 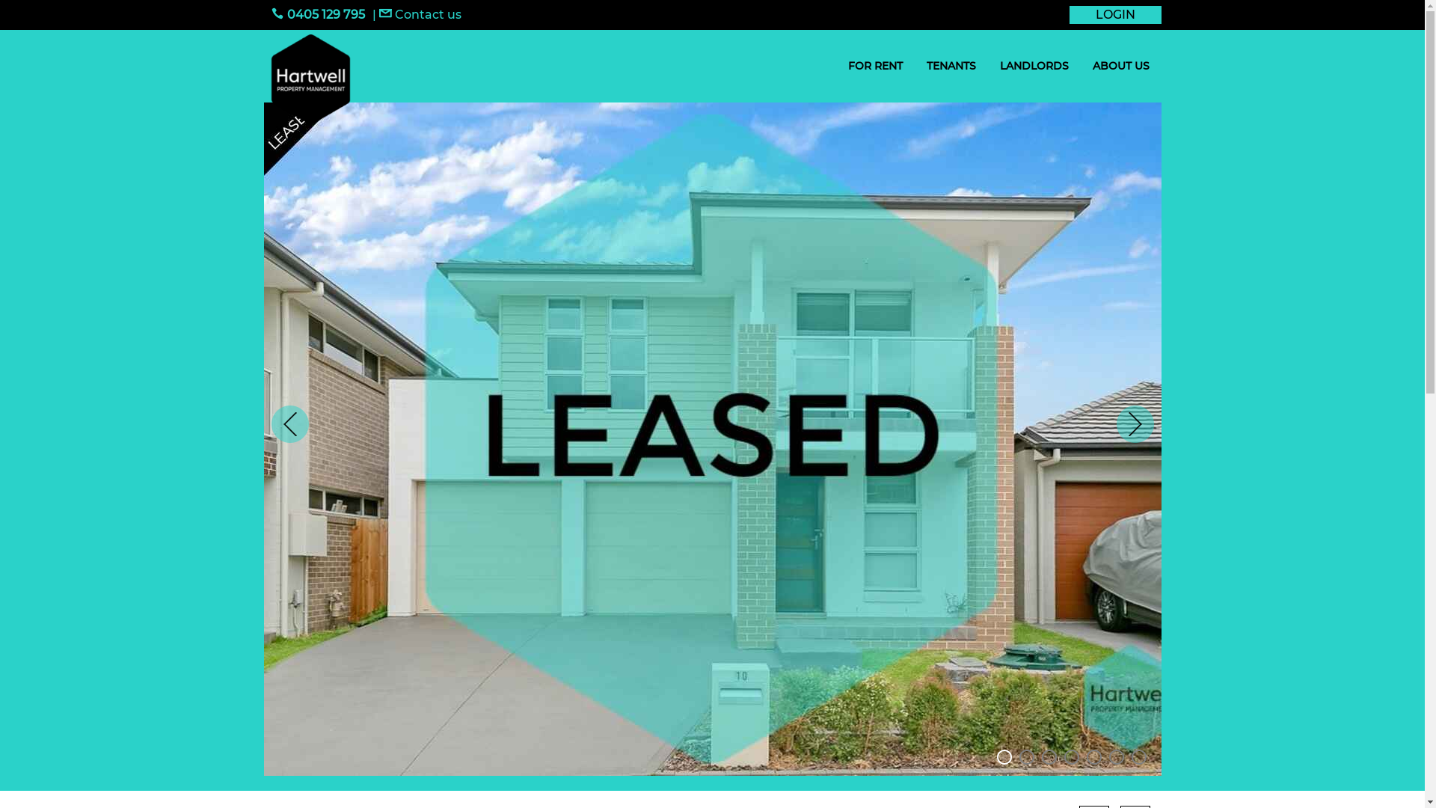 I want to click on '4', so click(x=1070, y=756).